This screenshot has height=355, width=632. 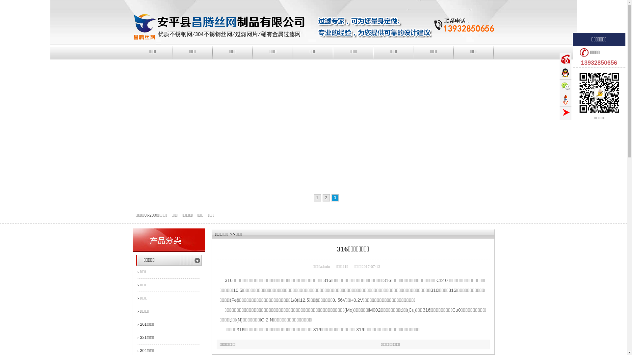 I want to click on '3038276279', so click(x=565, y=72).